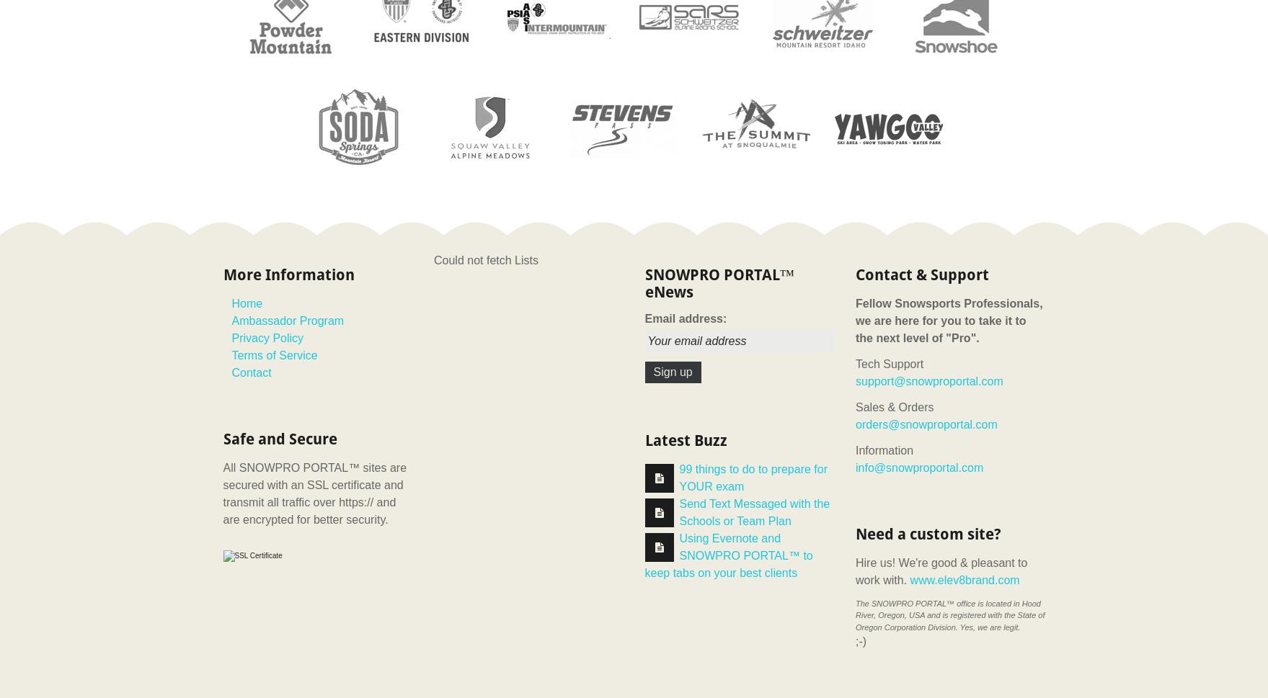  Describe the element at coordinates (949, 614) in the screenshot. I see `'The SNOWPRO PORTAL™ office is located in Hood River, Oregon, USA and is registered with the State of Oregon Corporation Division. Yes, we are legit.'` at that location.